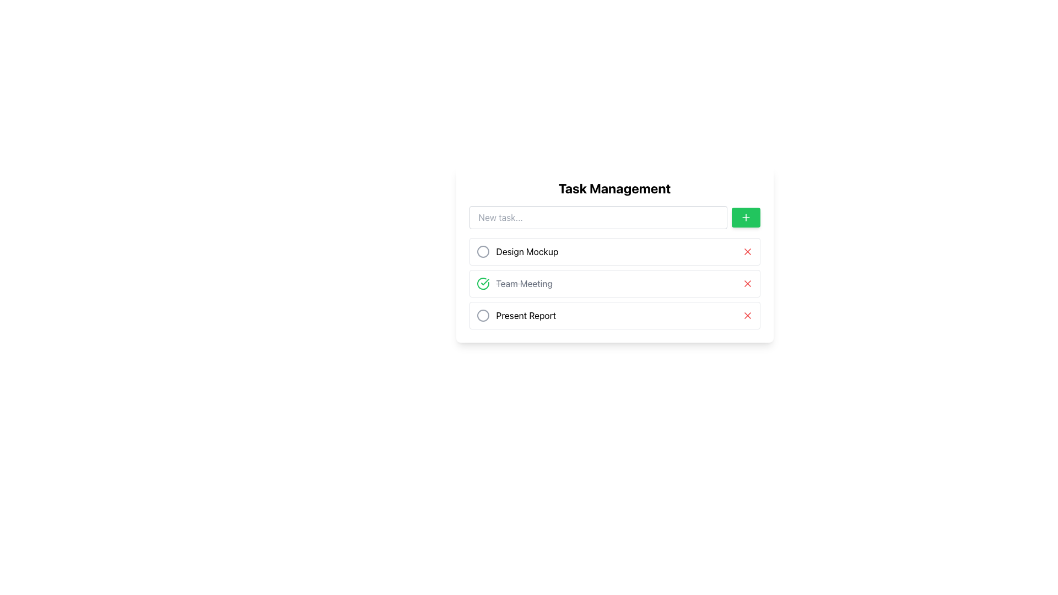 The height and width of the screenshot is (595, 1058). What do you see at coordinates (747, 283) in the screenshot?
I see `the delete icon located to the right of the 'Team Meeting' task in the task listing section under the 'Task Management' header` at bounding box center [747, 283].